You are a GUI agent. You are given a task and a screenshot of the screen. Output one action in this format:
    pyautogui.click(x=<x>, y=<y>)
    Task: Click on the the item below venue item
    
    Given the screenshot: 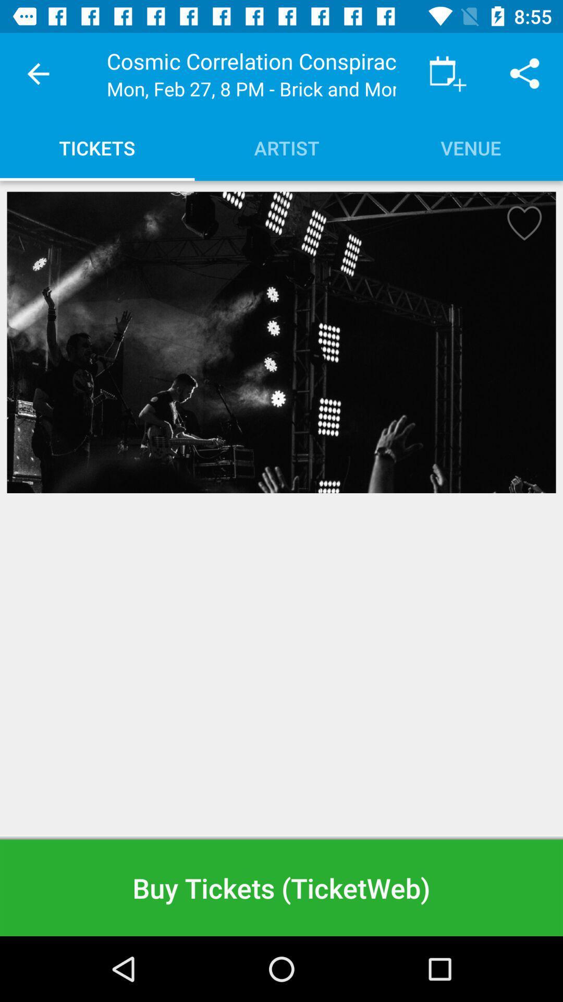 What is the action you would take?
    pyautogui.click(x=521, y=226)
    